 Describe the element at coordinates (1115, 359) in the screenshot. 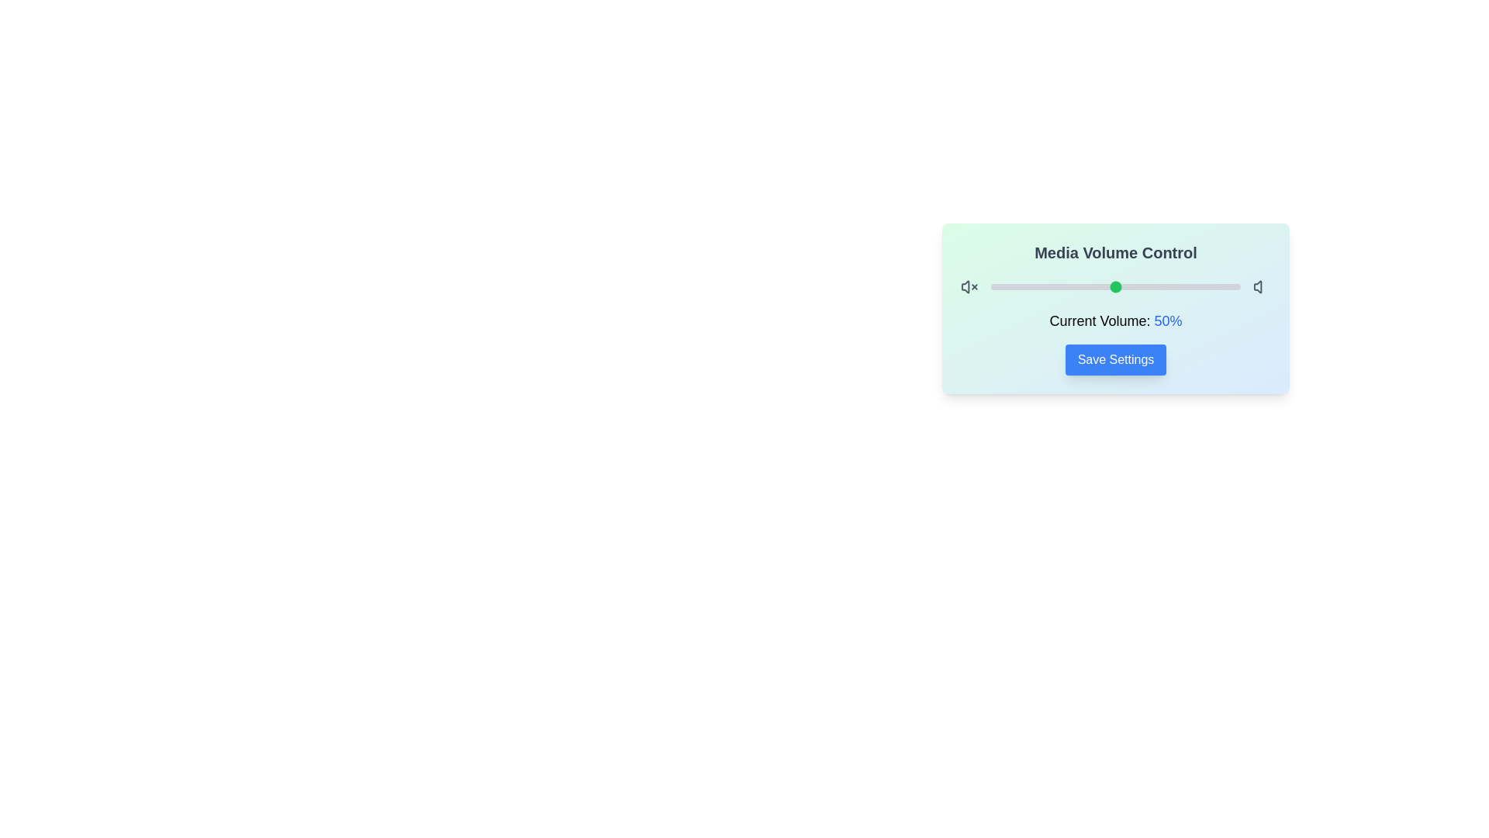

I see `the 'Save Settings' button` at that location.